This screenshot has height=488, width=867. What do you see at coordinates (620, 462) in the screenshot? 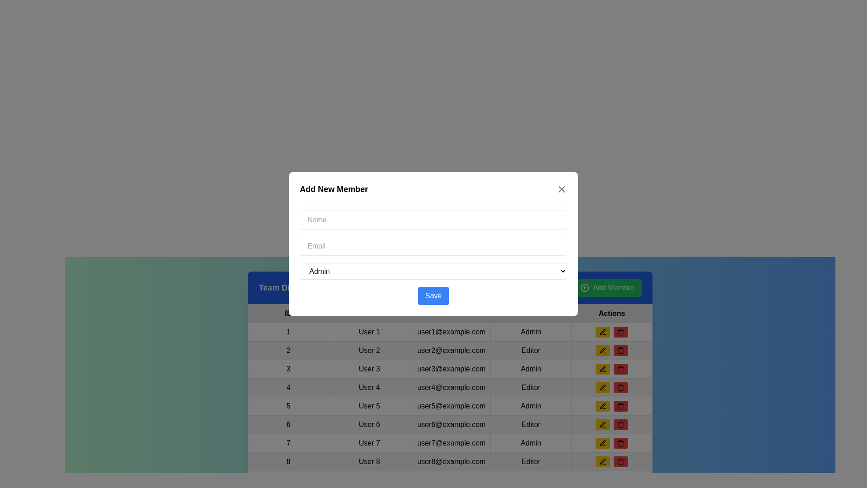
I see `the central lower body of the trash bin icon that indicates the delete functionality for the respective table row in the Actions column` at bounding box center [620, 462].